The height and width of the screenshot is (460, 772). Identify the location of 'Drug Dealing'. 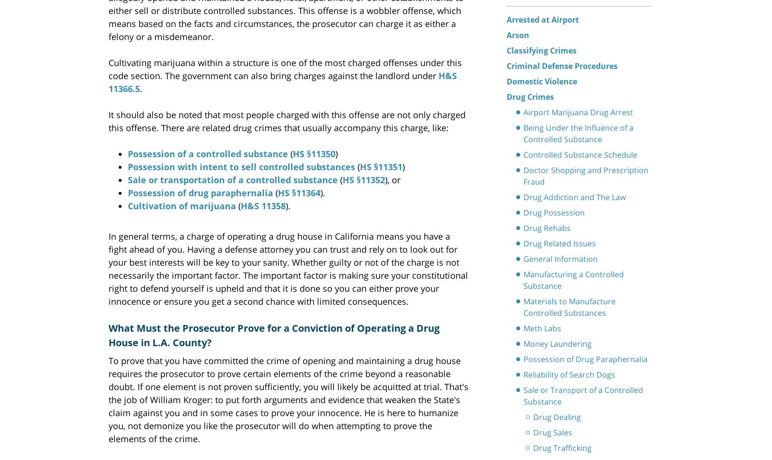
(557, 417).